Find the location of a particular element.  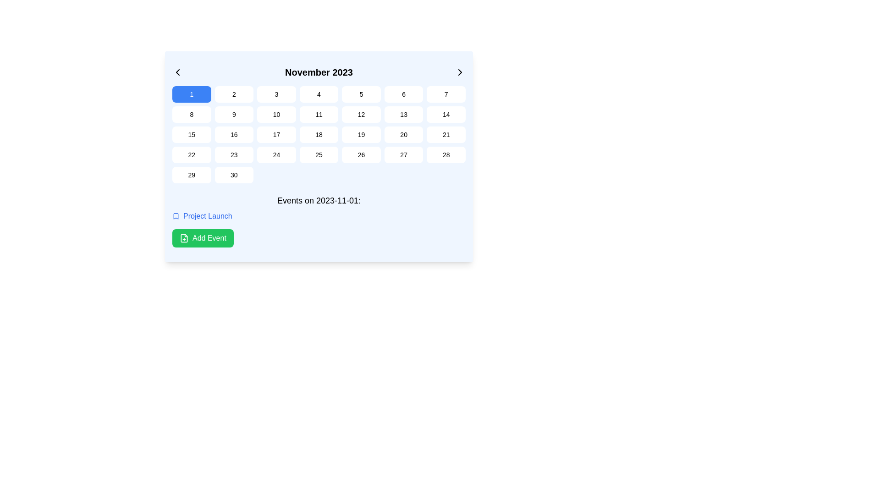

the date '10' button in the November 2023 calendar grid is located at coordinates (276, 114).